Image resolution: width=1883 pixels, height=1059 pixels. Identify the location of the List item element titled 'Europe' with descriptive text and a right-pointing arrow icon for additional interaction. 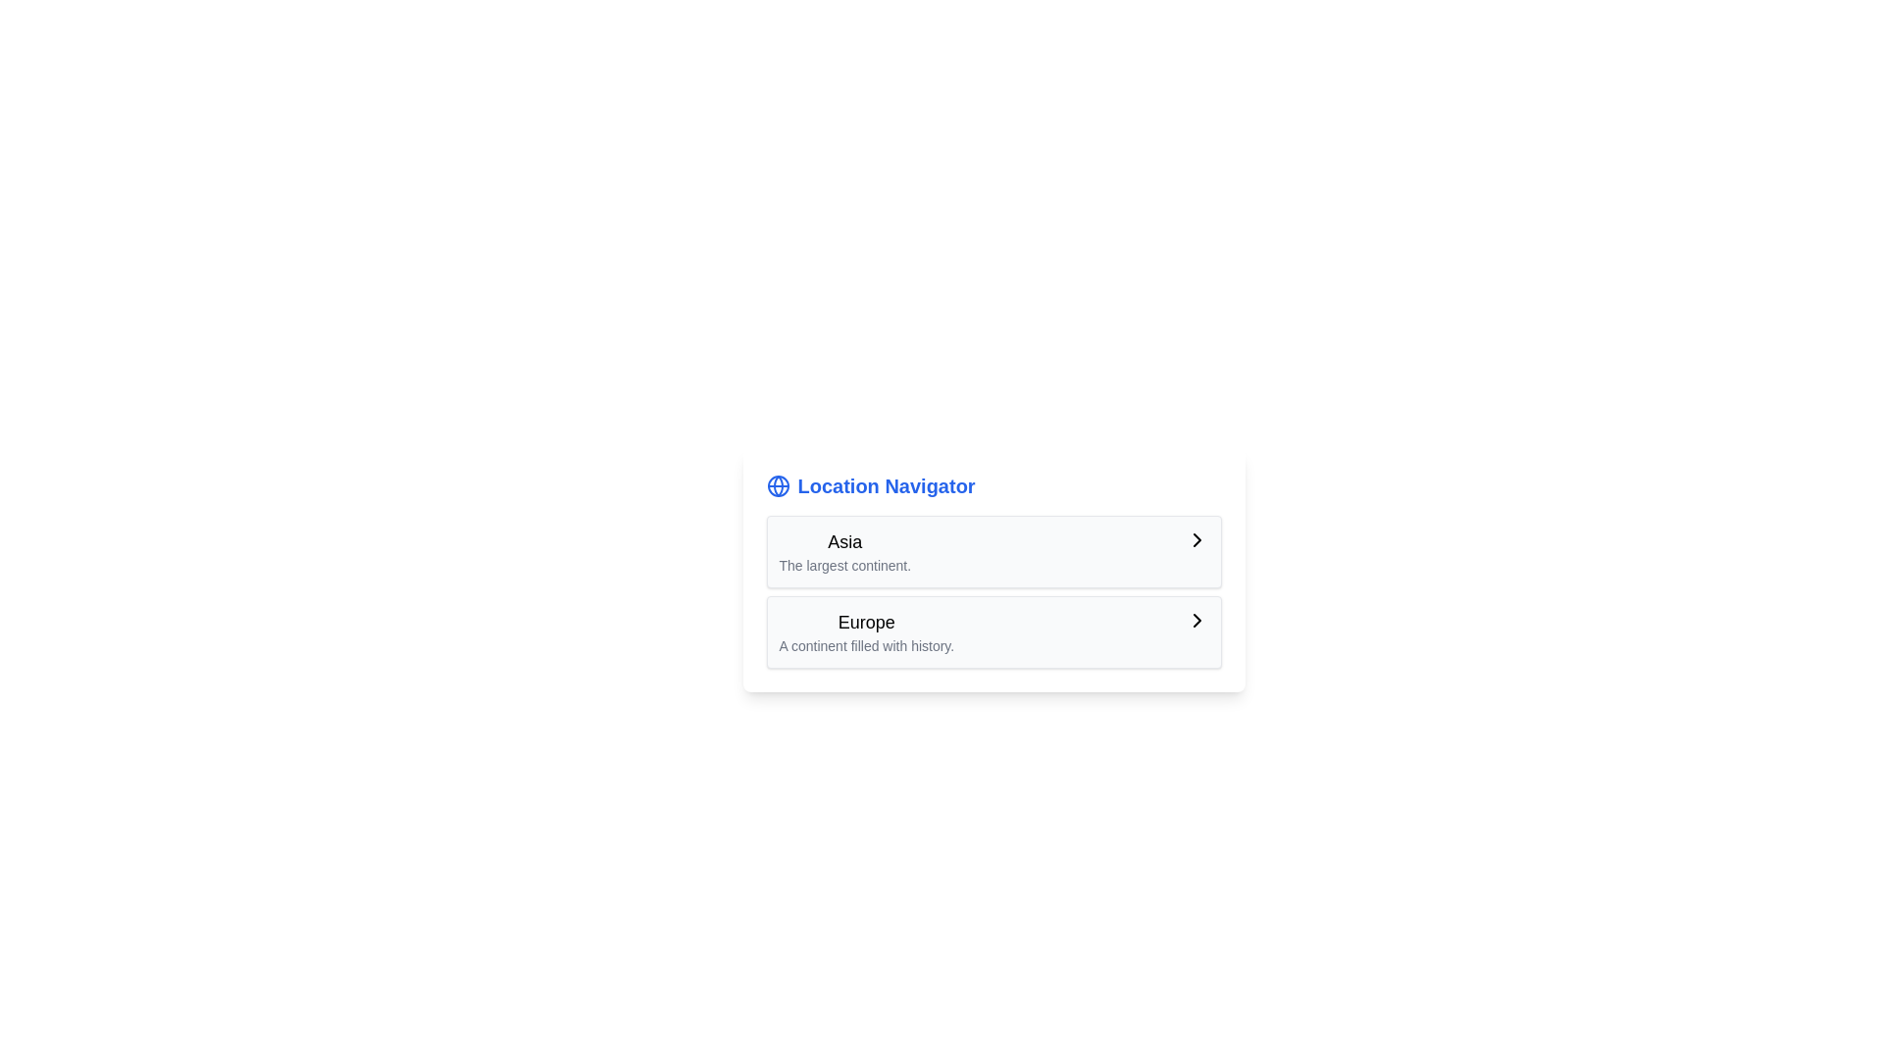
(993, 631).